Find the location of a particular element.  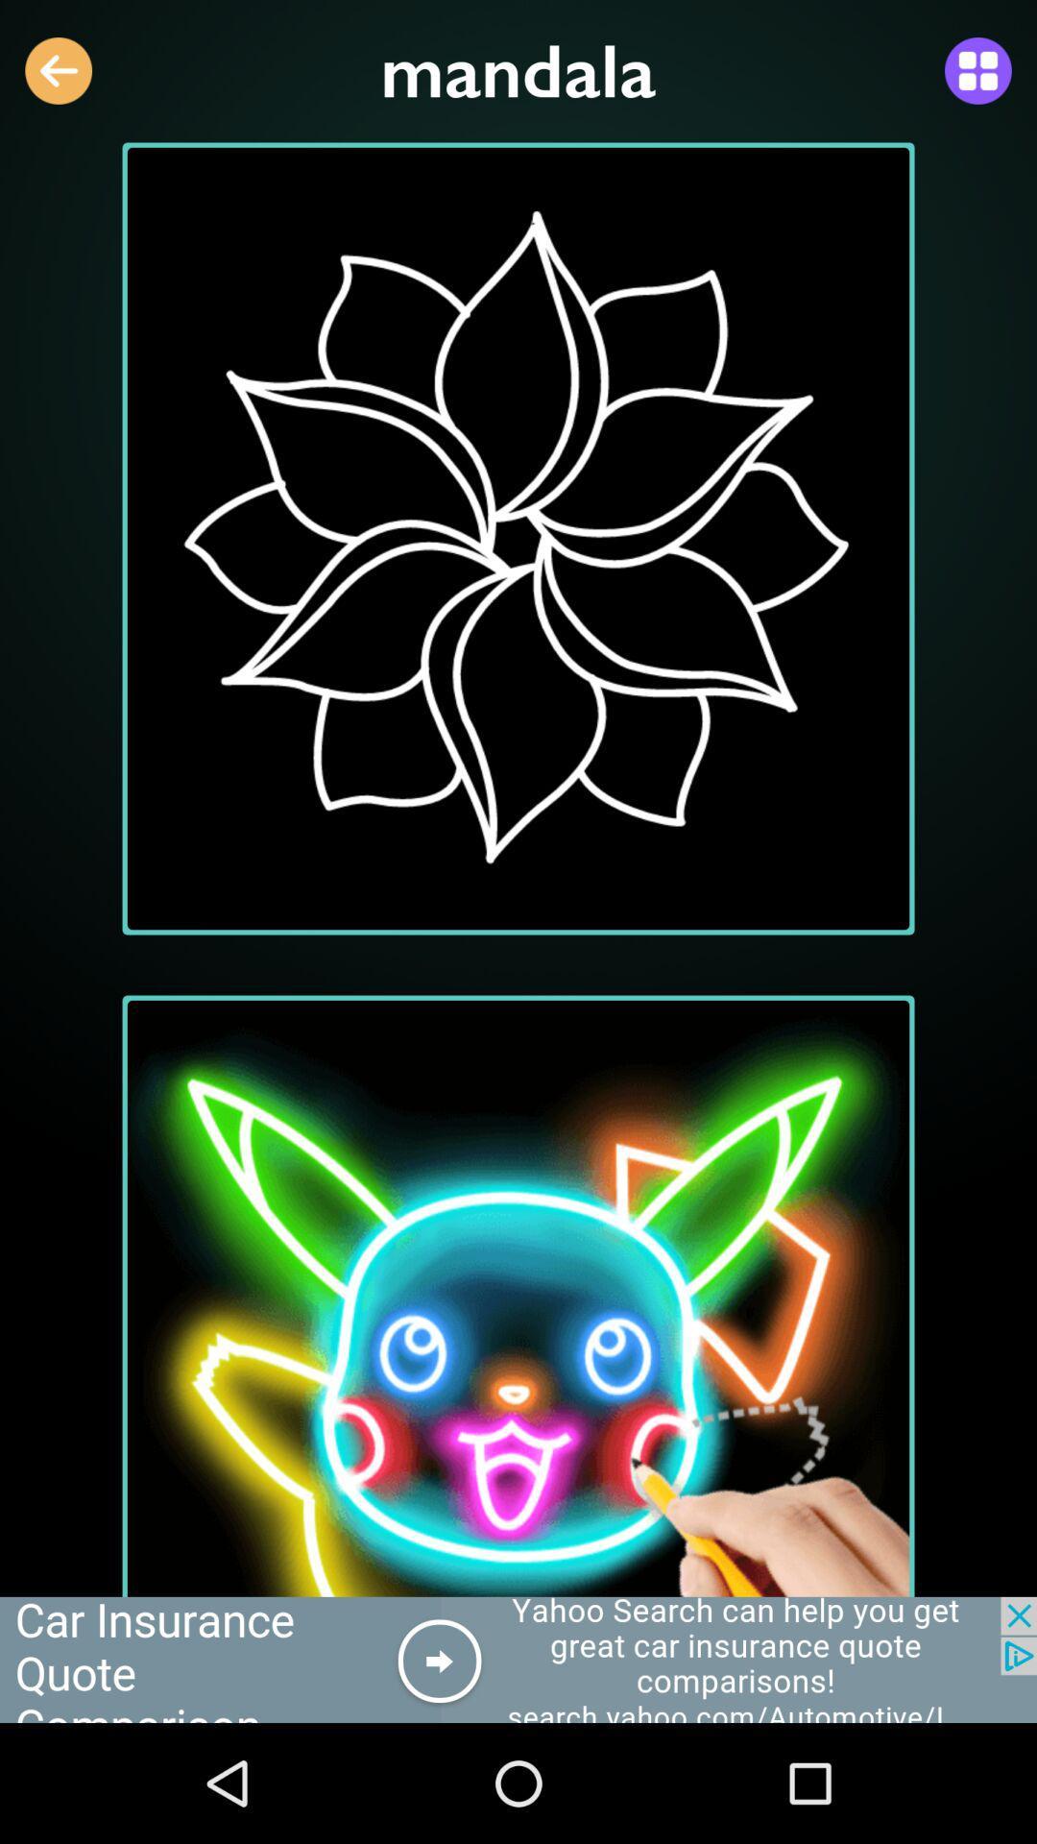

the arrow_backward icon is located at coordinates (58, 70).